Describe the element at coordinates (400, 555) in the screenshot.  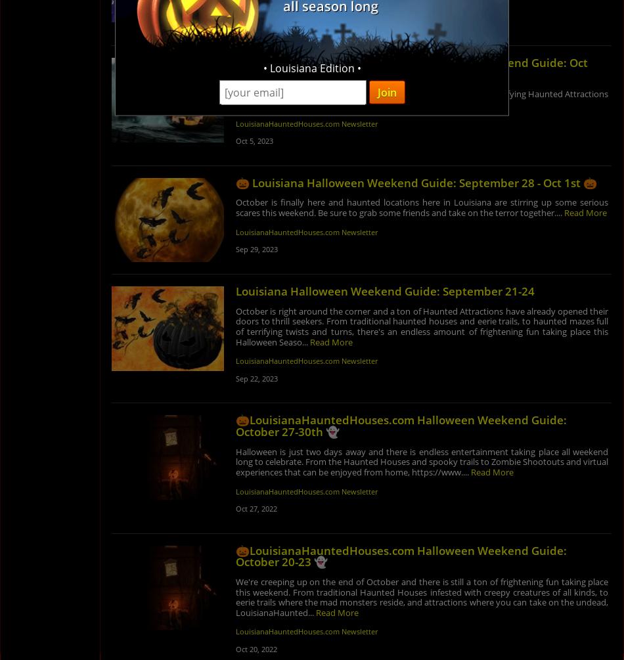
I see `'🎃LouisianaHauntedHouses.com Halloween Weekend Guide: October 20-23 👻'` at that location.